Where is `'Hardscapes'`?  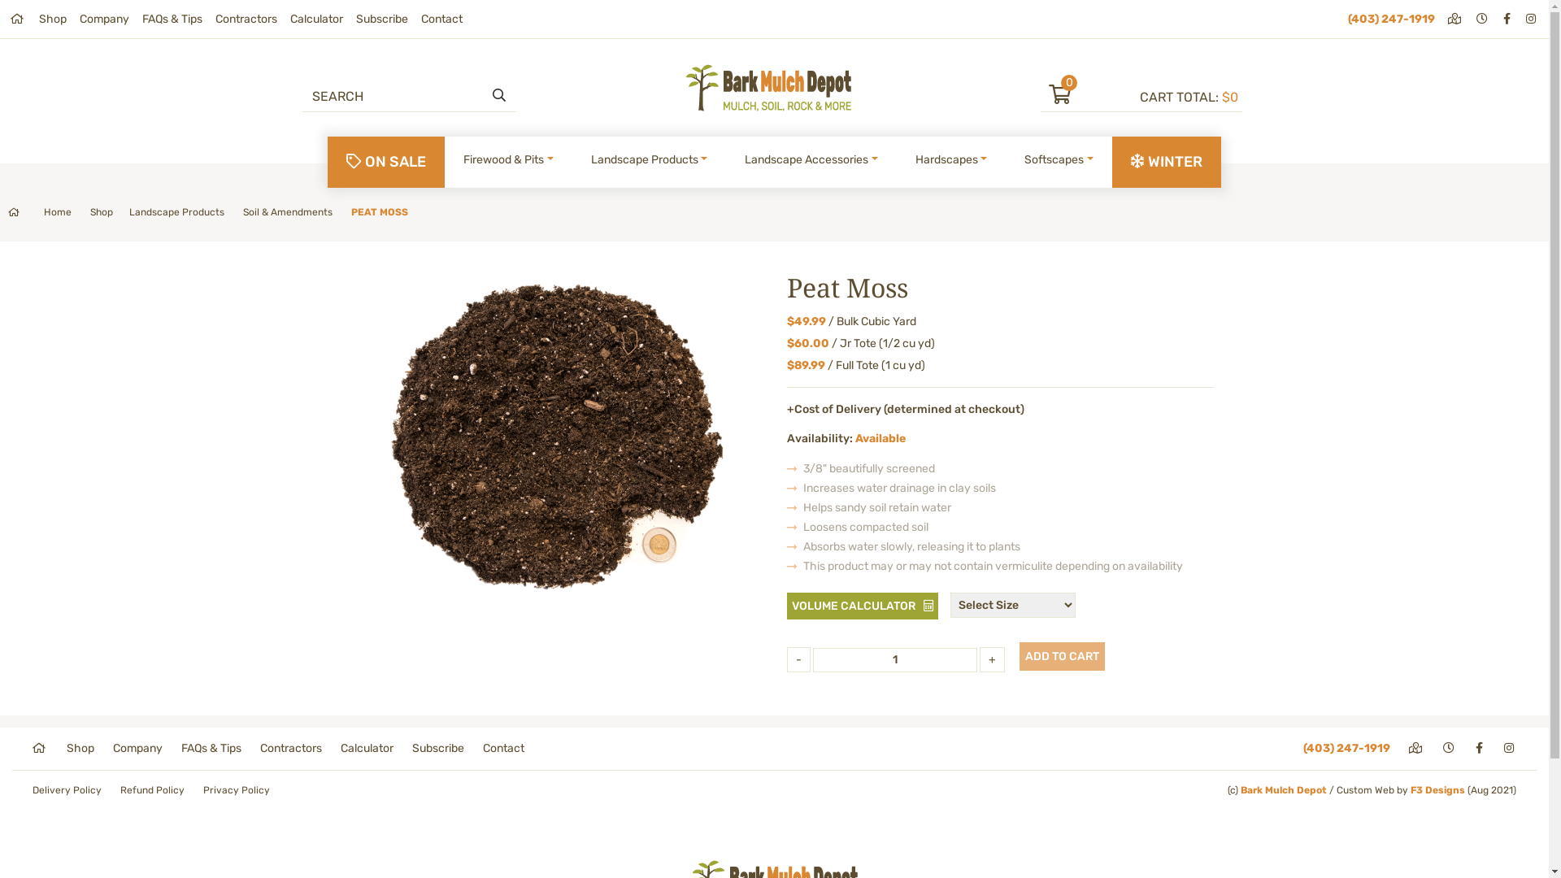 'Hardscapes' is located at coordinates (951, 159).